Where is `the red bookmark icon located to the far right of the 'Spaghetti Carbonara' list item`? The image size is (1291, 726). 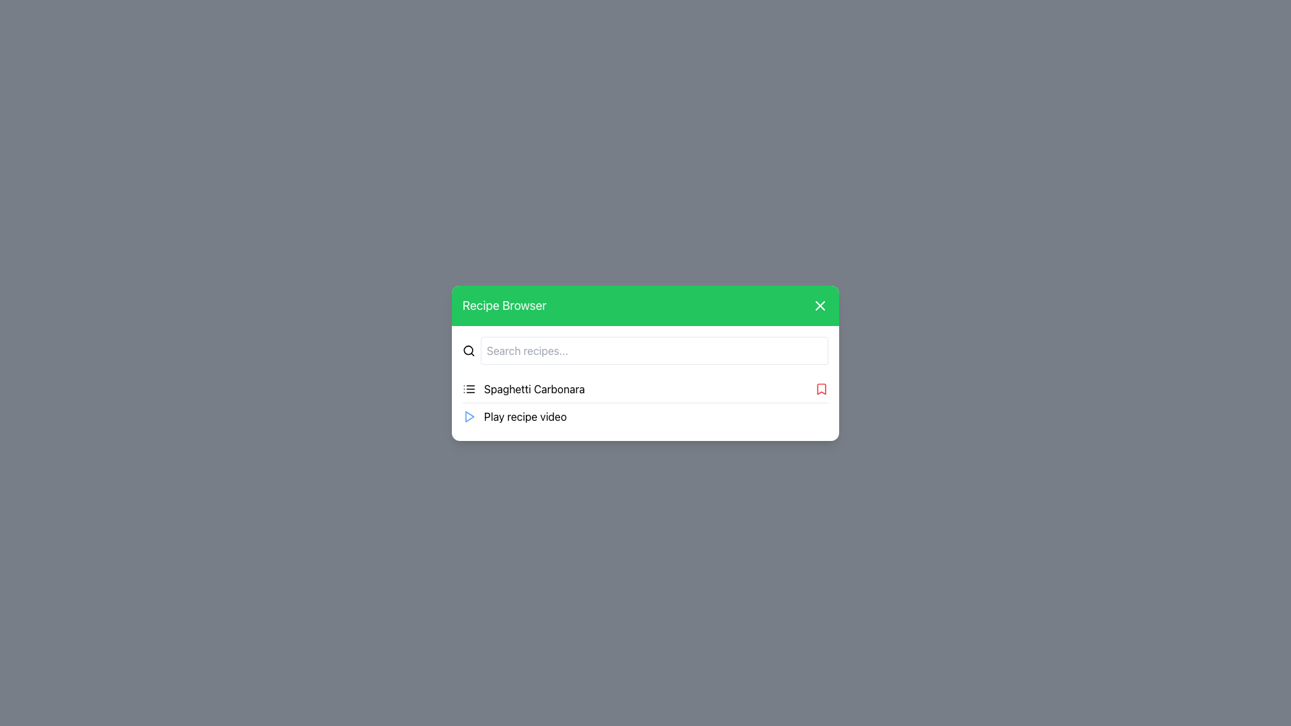
the red bookmark icon located to the far right of the 'Spaghetti Carbonara' list item is located at coordinates (821, 389).